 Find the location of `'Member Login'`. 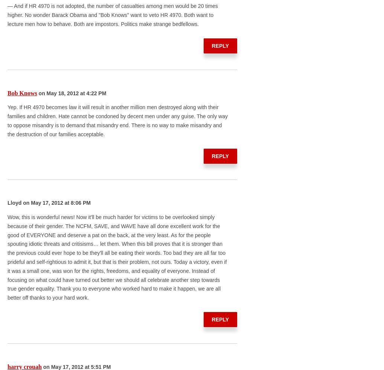

'Member Login' is located at coordinates (270, 177).